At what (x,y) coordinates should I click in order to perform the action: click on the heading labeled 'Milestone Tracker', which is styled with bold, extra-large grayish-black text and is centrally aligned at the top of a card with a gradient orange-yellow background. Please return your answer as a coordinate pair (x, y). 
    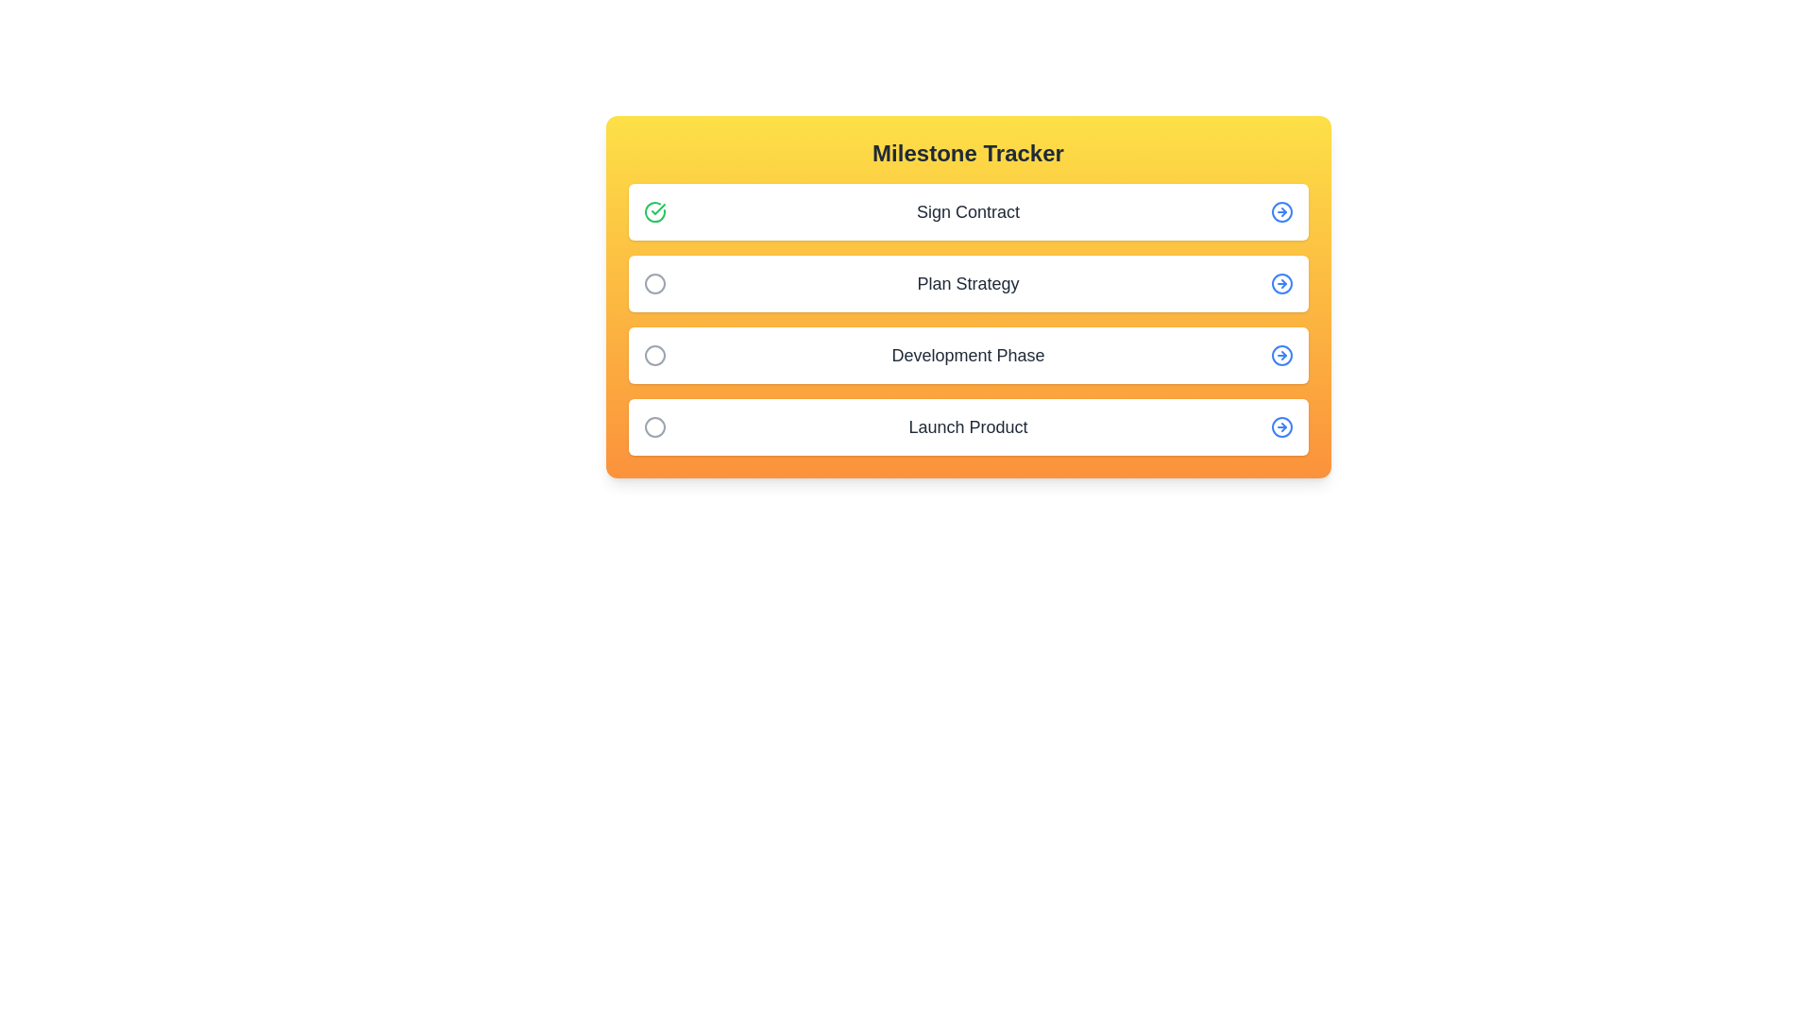
    Looking at the image, I should click on (968, 152).